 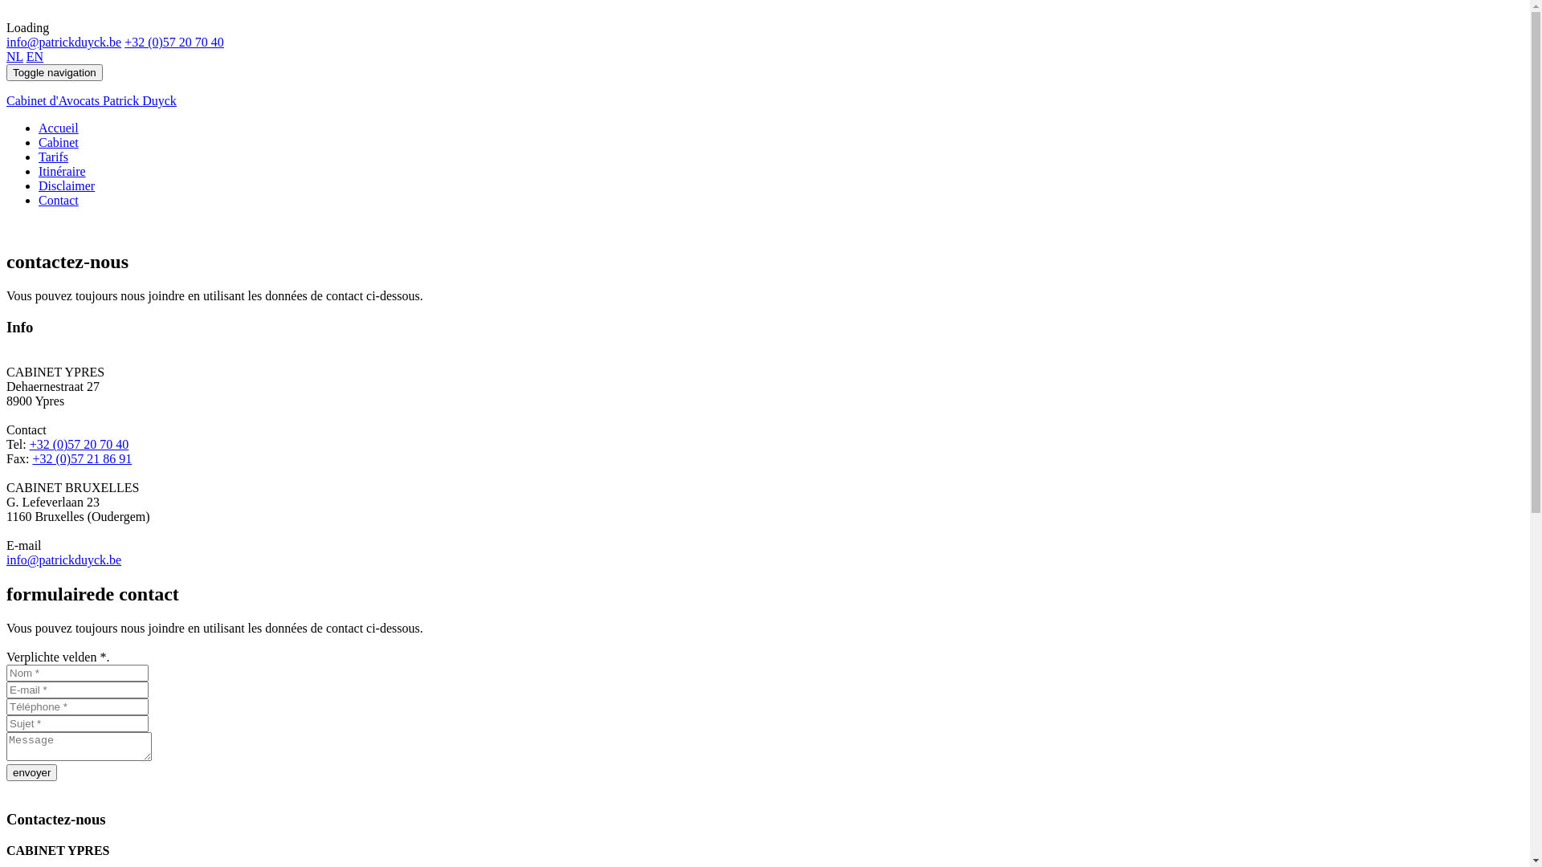 I want to click on 'Toggle navigation', so click(x=54, y=72).